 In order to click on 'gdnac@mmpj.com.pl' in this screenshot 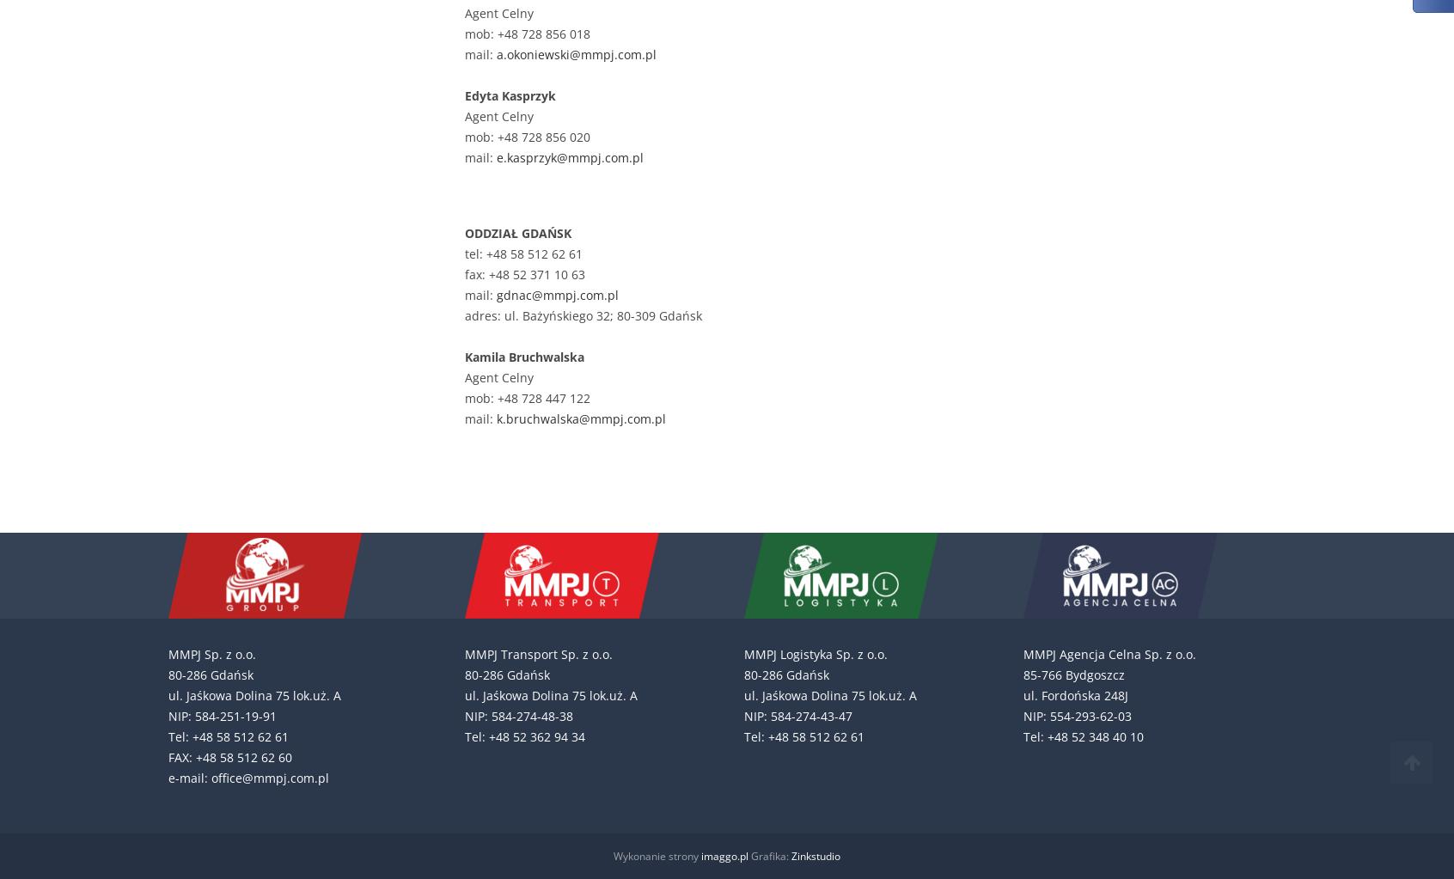, I will do `click(558, 295)`.